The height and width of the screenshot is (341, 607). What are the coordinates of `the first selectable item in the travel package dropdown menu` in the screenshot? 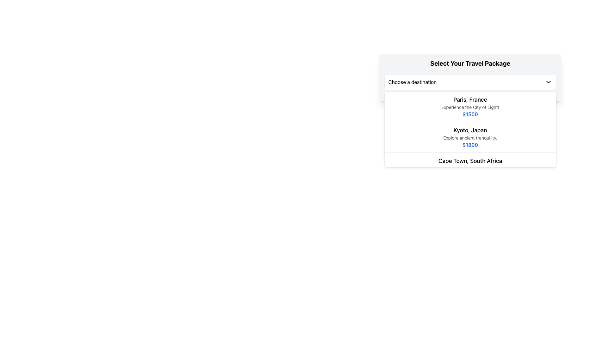 It's located at (470, 106).